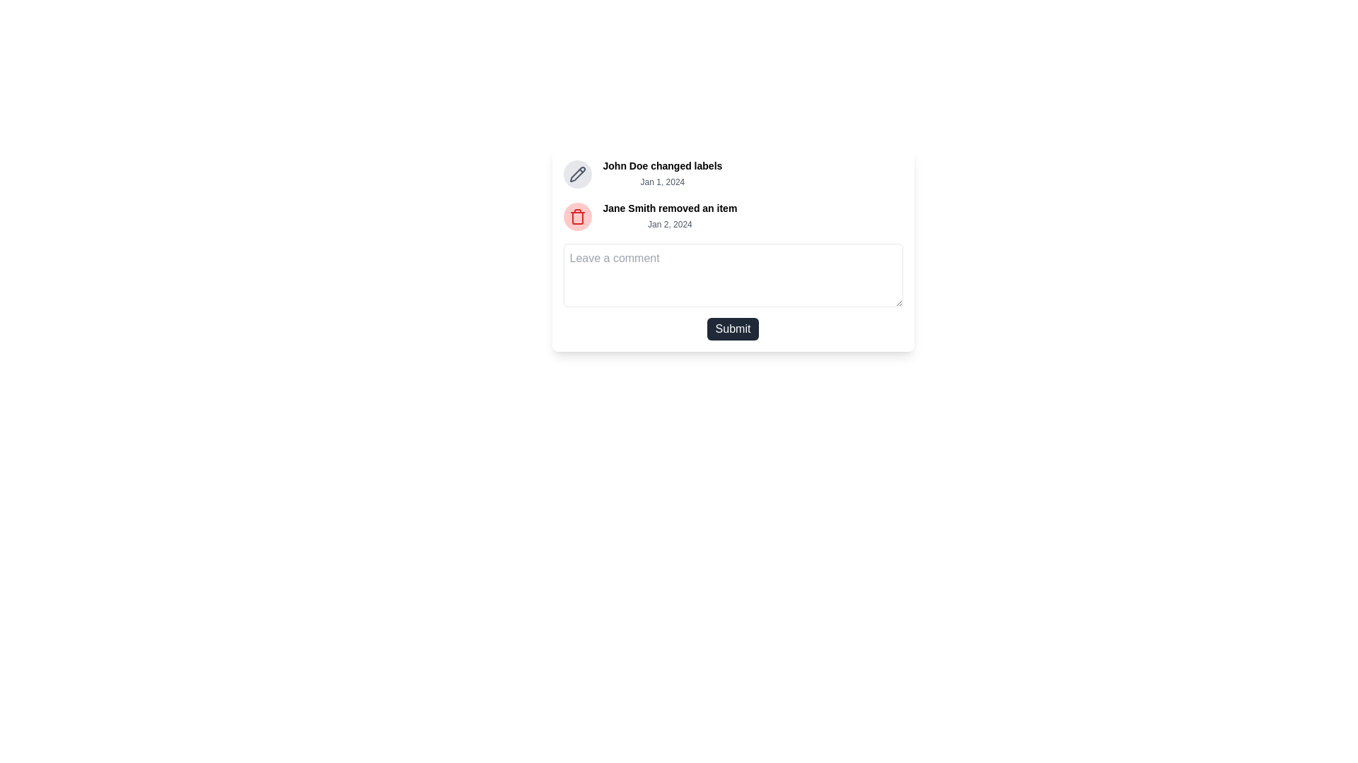  What do you see at coordinates (733, 217) in the screenshot?
I see `the second entry in the activity log which contains a circular red icon with a trash can symbol and bold text stating 'Jane Smith removed an item'` at bounding box center [733, 217].